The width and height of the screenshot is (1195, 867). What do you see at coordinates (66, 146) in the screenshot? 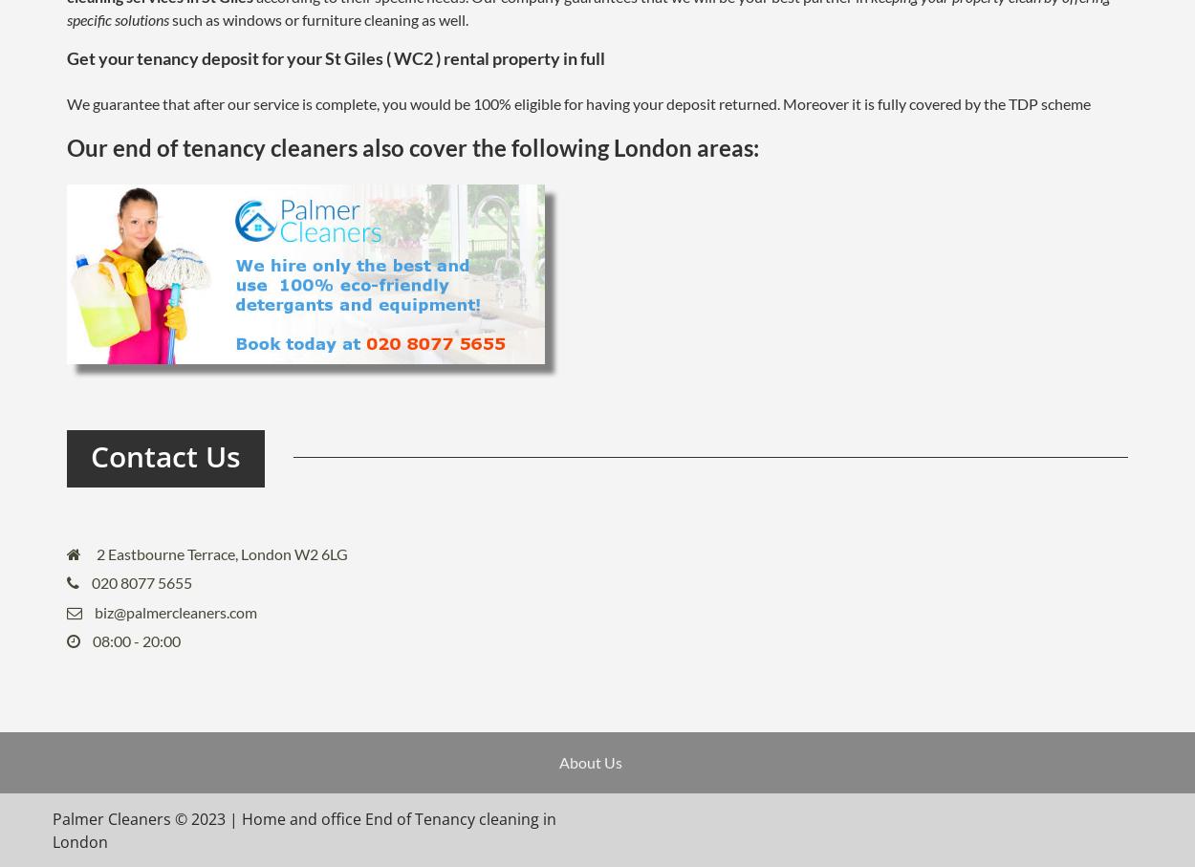
I see `'Our end of tenancy cleaners also cover the following London areas:'` at bounding box center [66, 146].